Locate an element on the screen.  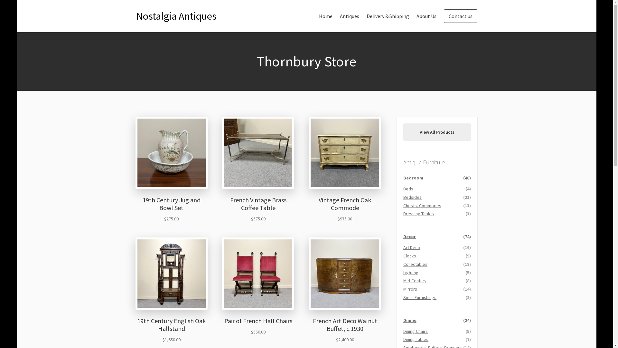
'Art Deco' is located at coordinates (411, 247).